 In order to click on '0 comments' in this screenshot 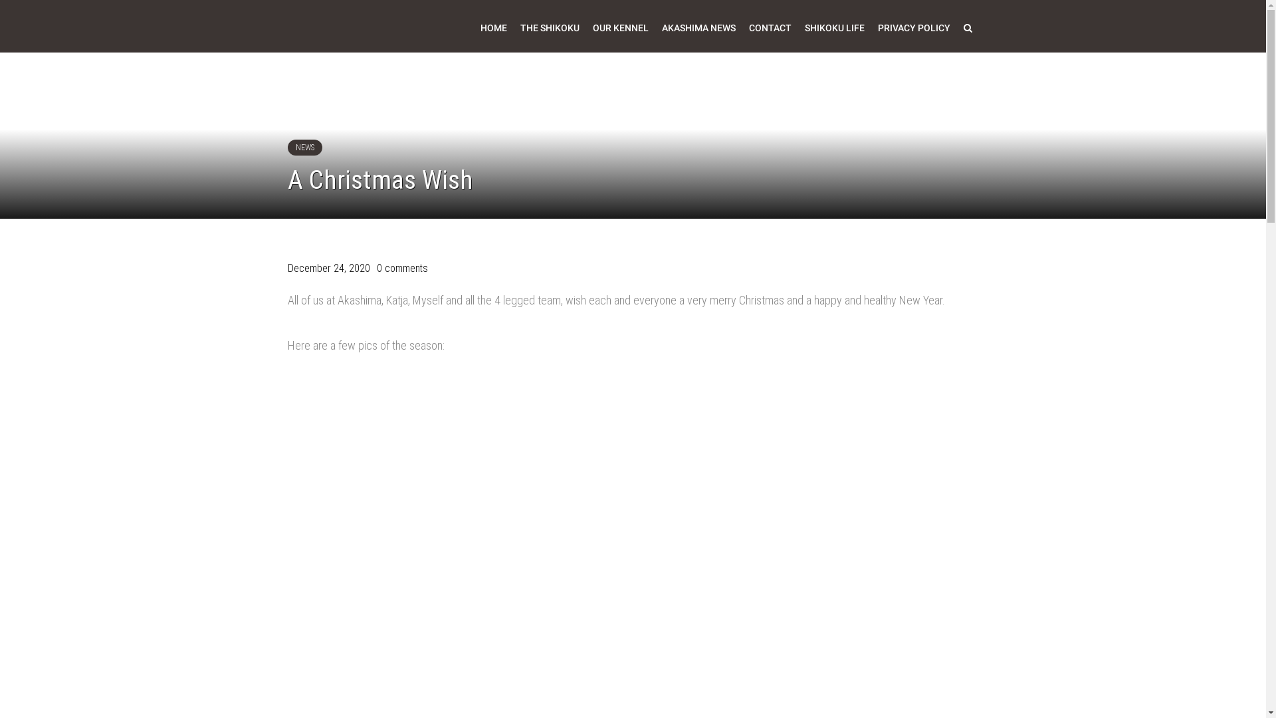, I will do `click(375, 268)`.